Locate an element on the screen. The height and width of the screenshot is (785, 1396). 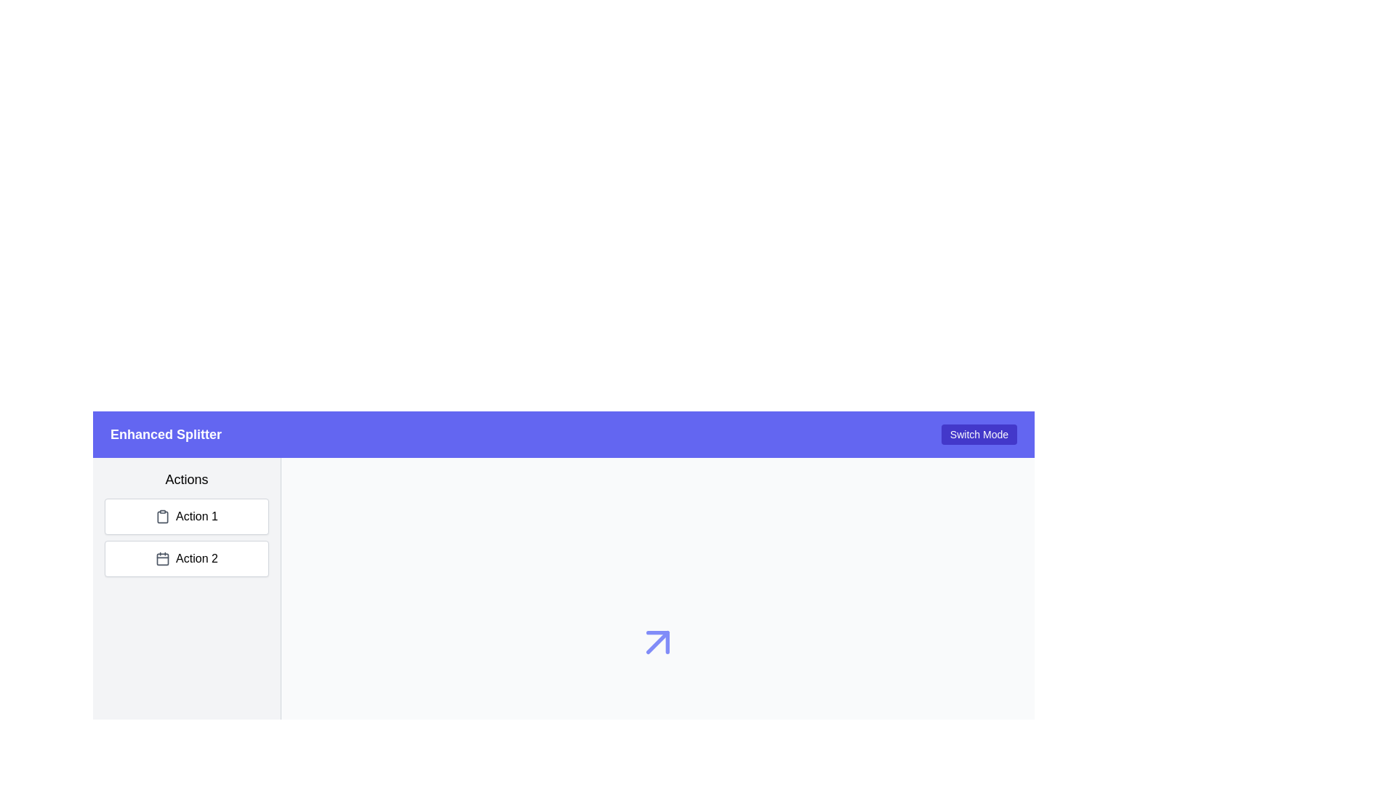
the text label 'Enhanced Splitter' which is styled with a bold font on a blue background, located in the upper-left corner of the header bar is located at coordinates (166, 433).